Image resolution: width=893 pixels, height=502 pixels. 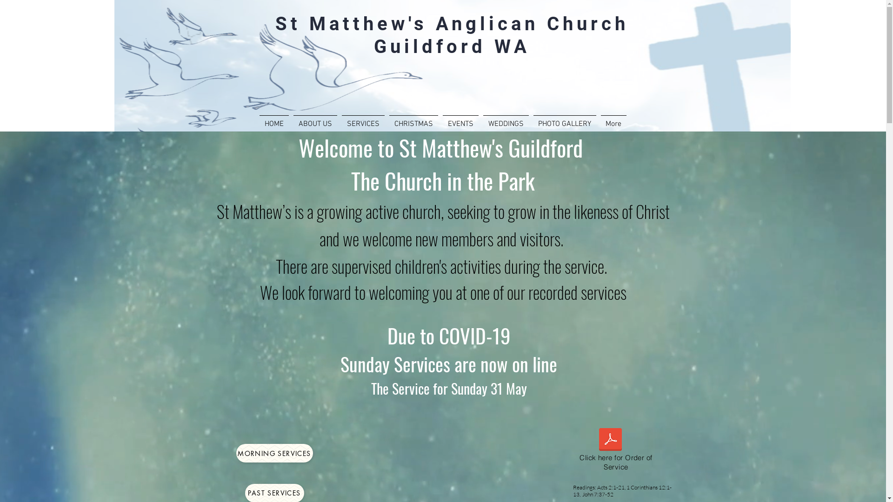 What do you see at coordinates (439, 119) in the screenshot?
I see `'EVENTS'` at bounding box center [439, 119].